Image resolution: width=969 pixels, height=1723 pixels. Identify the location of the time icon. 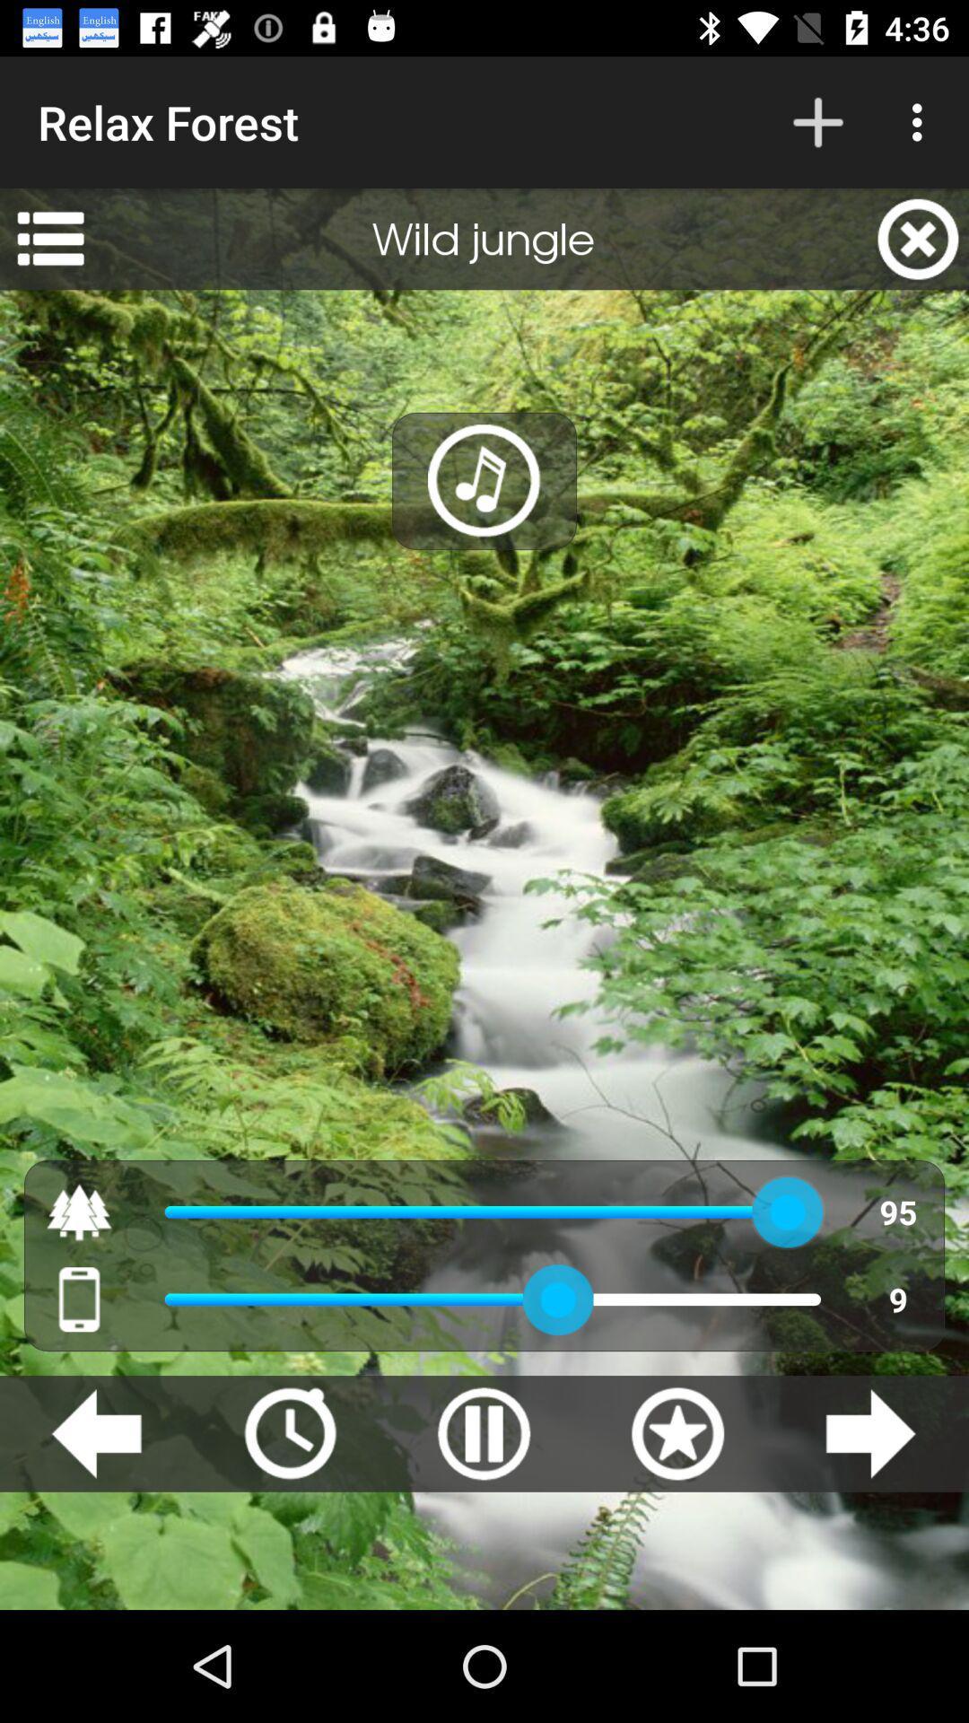
(289, 1432).